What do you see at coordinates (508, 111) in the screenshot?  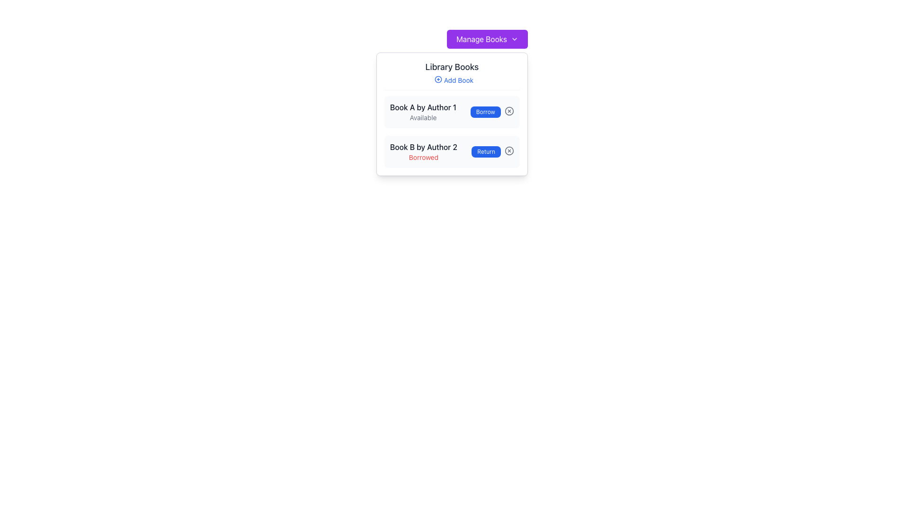 I see `the gray circle icon with a cross inside, located to the right of the 'Borrow' button in the control section of the book entry for 'Book A by Author 1' to change its color` at bounding box center [508, 111].